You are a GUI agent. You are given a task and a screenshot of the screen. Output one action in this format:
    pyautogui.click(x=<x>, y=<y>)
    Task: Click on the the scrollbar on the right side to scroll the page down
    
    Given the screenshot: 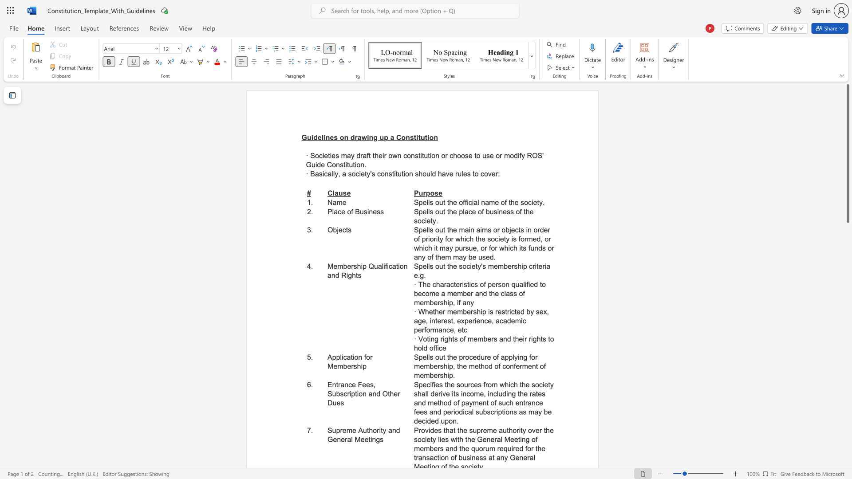 What is the action you would take?
    pyautogui.click(x=847, y=288)
    